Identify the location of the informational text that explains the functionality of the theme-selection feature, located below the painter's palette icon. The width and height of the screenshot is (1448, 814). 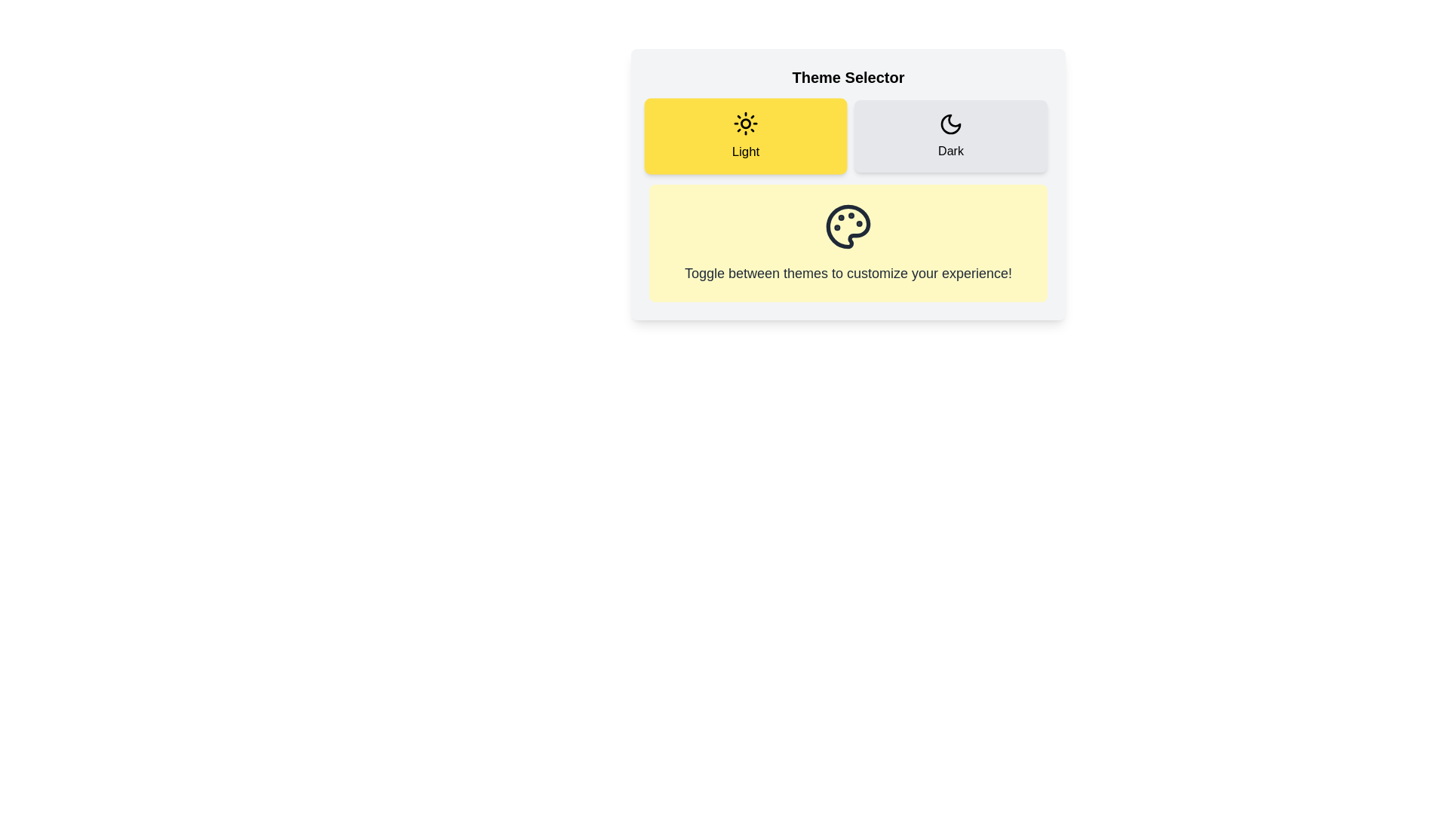
(848, 273).